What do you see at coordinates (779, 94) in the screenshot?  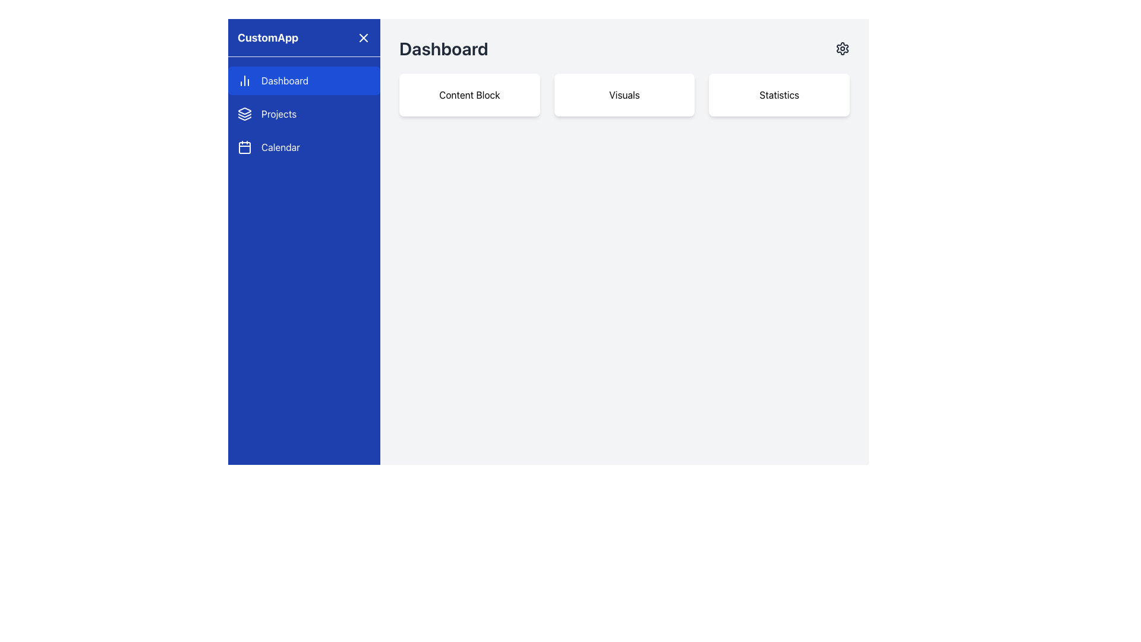 I see `the third card in the grid layout labeled 'Statistics'` at bounding box center [779, 94].